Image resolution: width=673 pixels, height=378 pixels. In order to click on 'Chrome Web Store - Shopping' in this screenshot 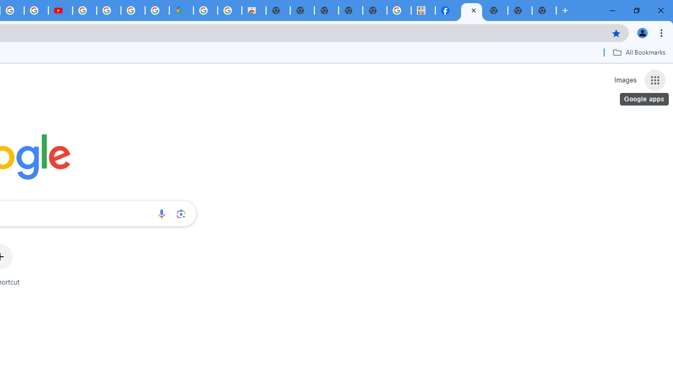, I will do `click(253, 10)`.